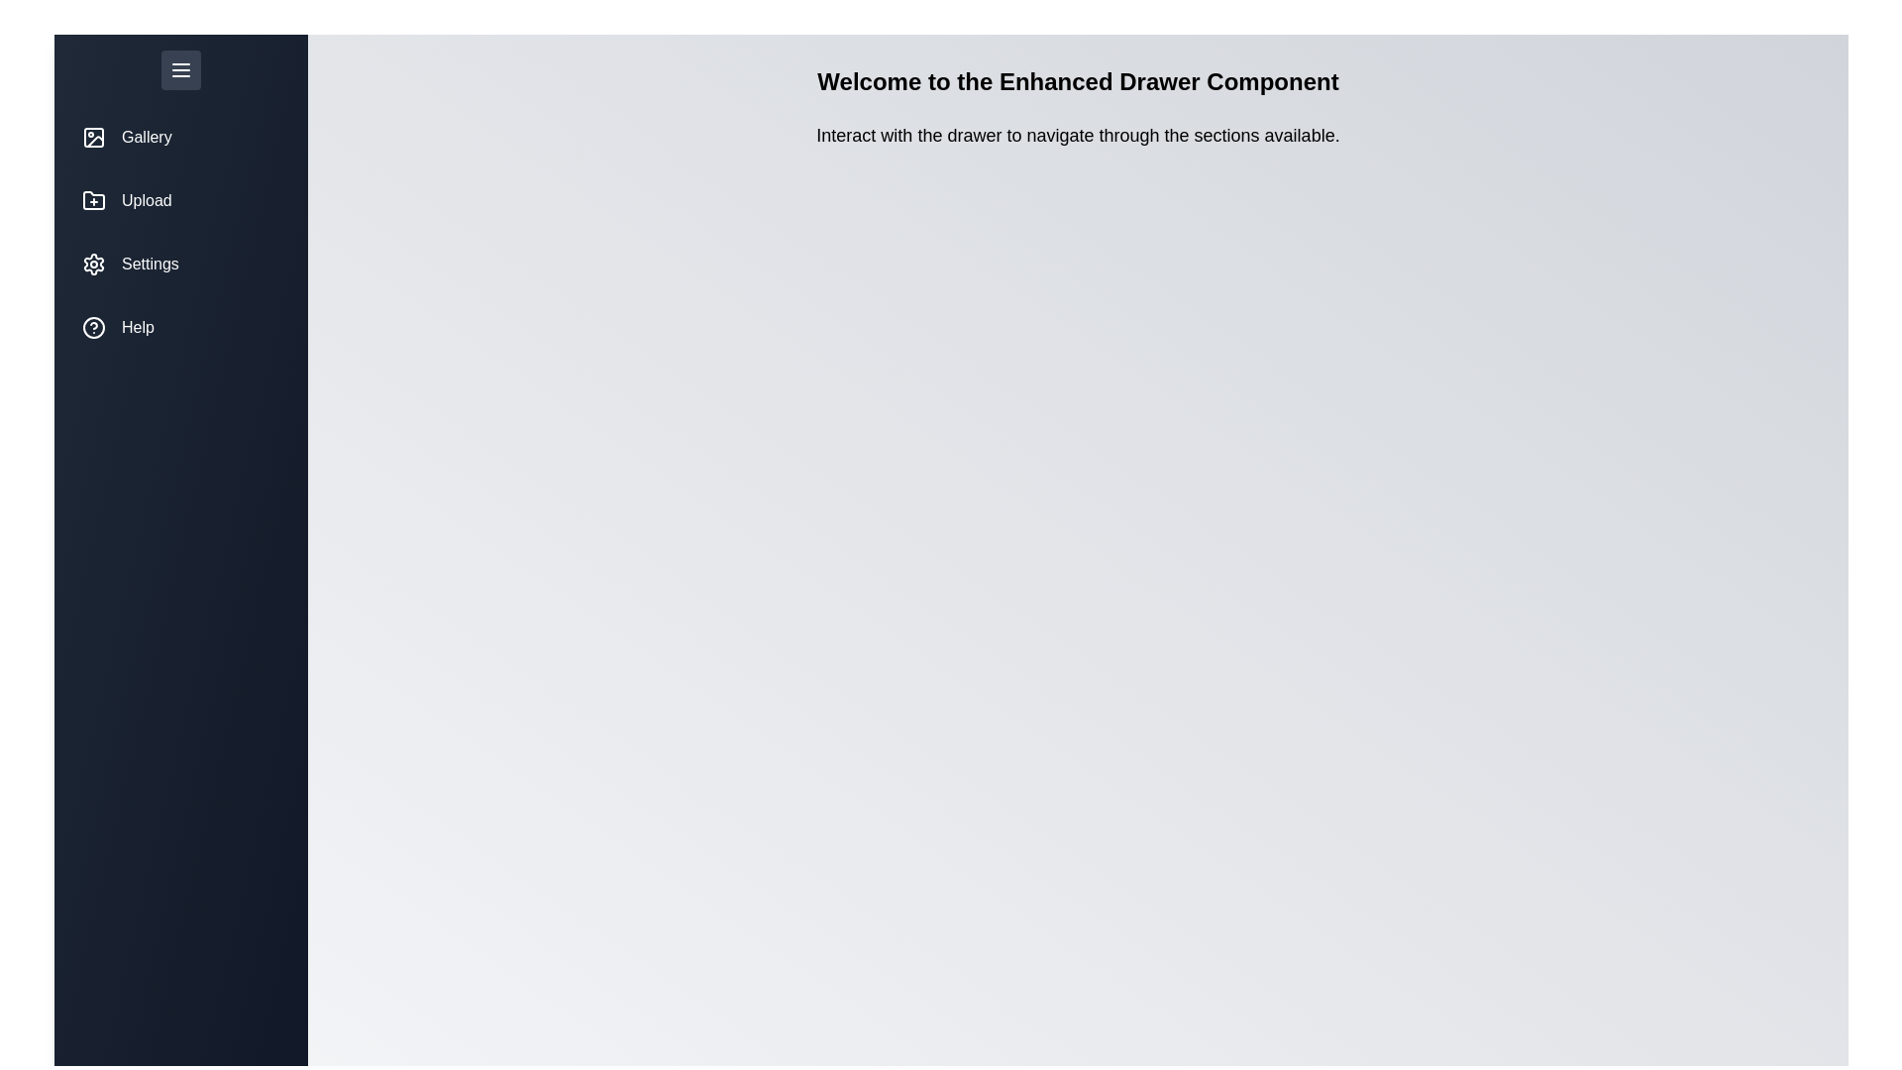 The height and width of the screenshot is (1070, 1902). Describe the element at coordinates (180, 201) in the screenshot. I see `the section Upload to observe hover effects` at that location.